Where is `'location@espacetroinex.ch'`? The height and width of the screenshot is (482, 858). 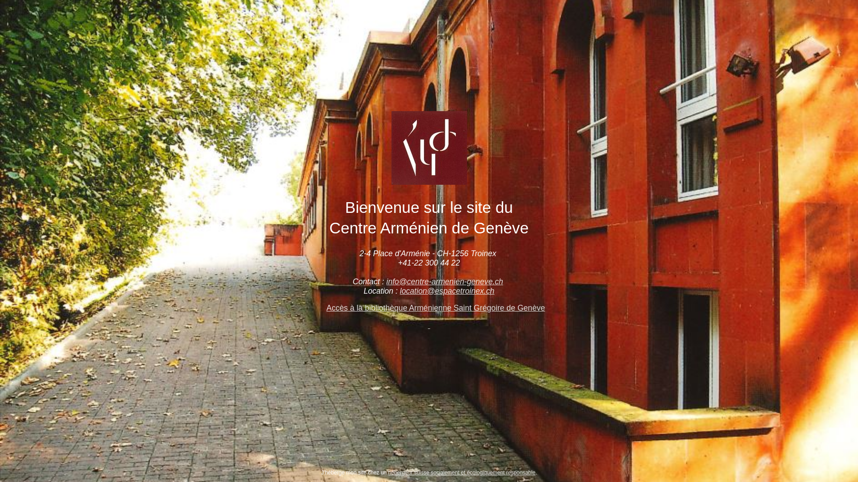
'location@espacetroinex.ch' is located at coordinates (447, 291).